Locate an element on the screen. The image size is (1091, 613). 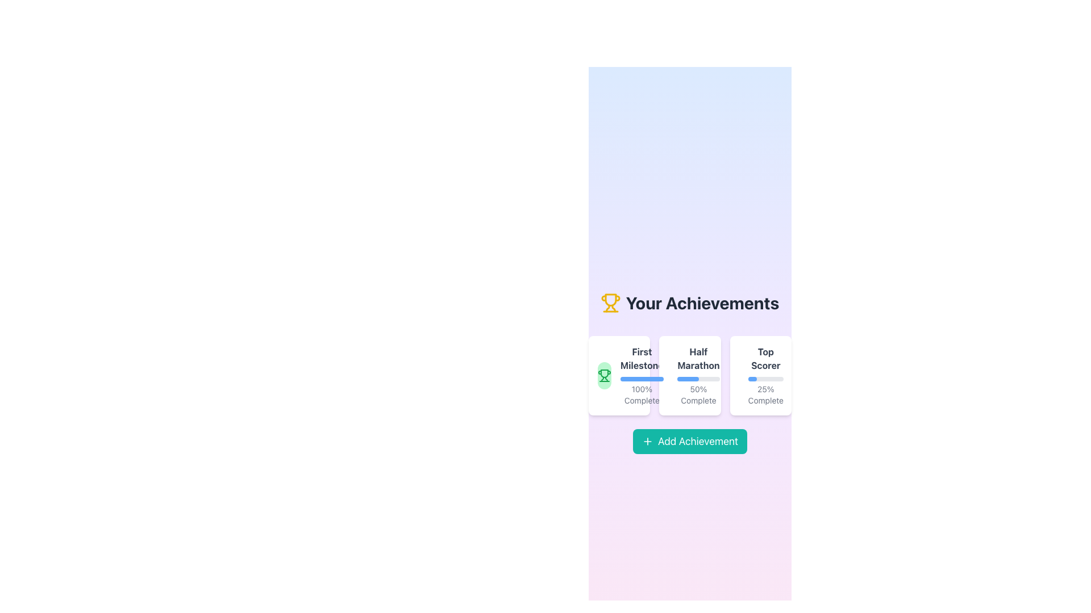
the 'Top Scorer' informational block, which features a blue progress bar indicating '25% Complete', located at the right of the 'Half Marathon' achievement card is located at coordinates (765, 376).